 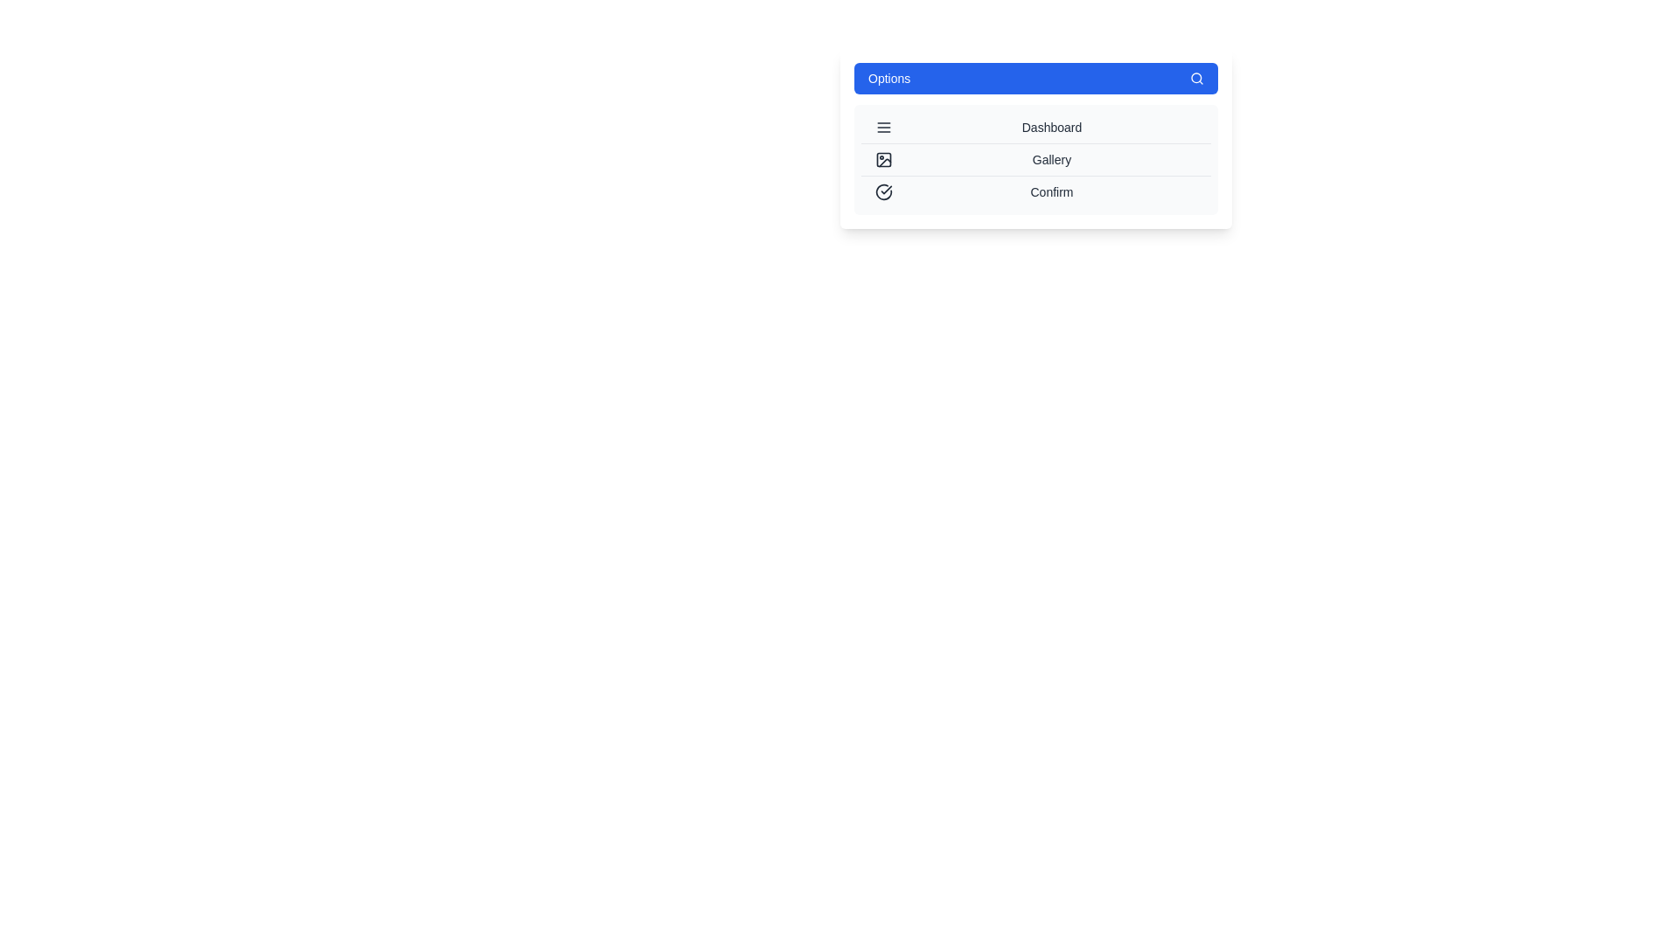 What do you see at coordinates (884, 159) in the screenshot?
I see `the icon corresponding to the menu item Gallery` at bounding box center [884, 159].